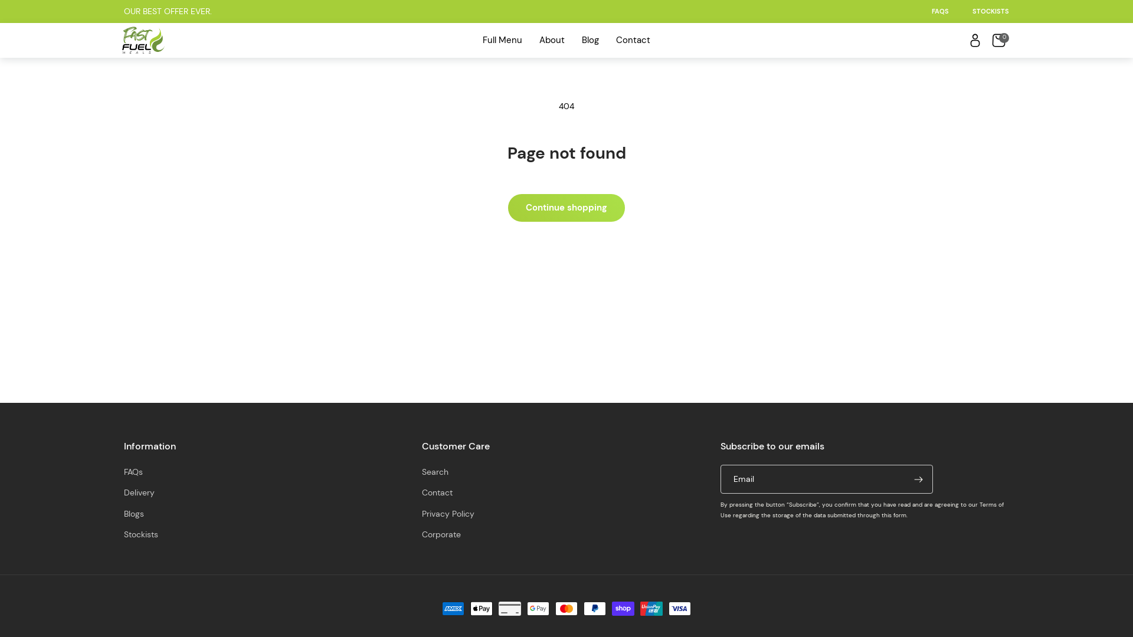 The image size is (1133, 637). I want to click on 'Stockists', so click(141, 534).